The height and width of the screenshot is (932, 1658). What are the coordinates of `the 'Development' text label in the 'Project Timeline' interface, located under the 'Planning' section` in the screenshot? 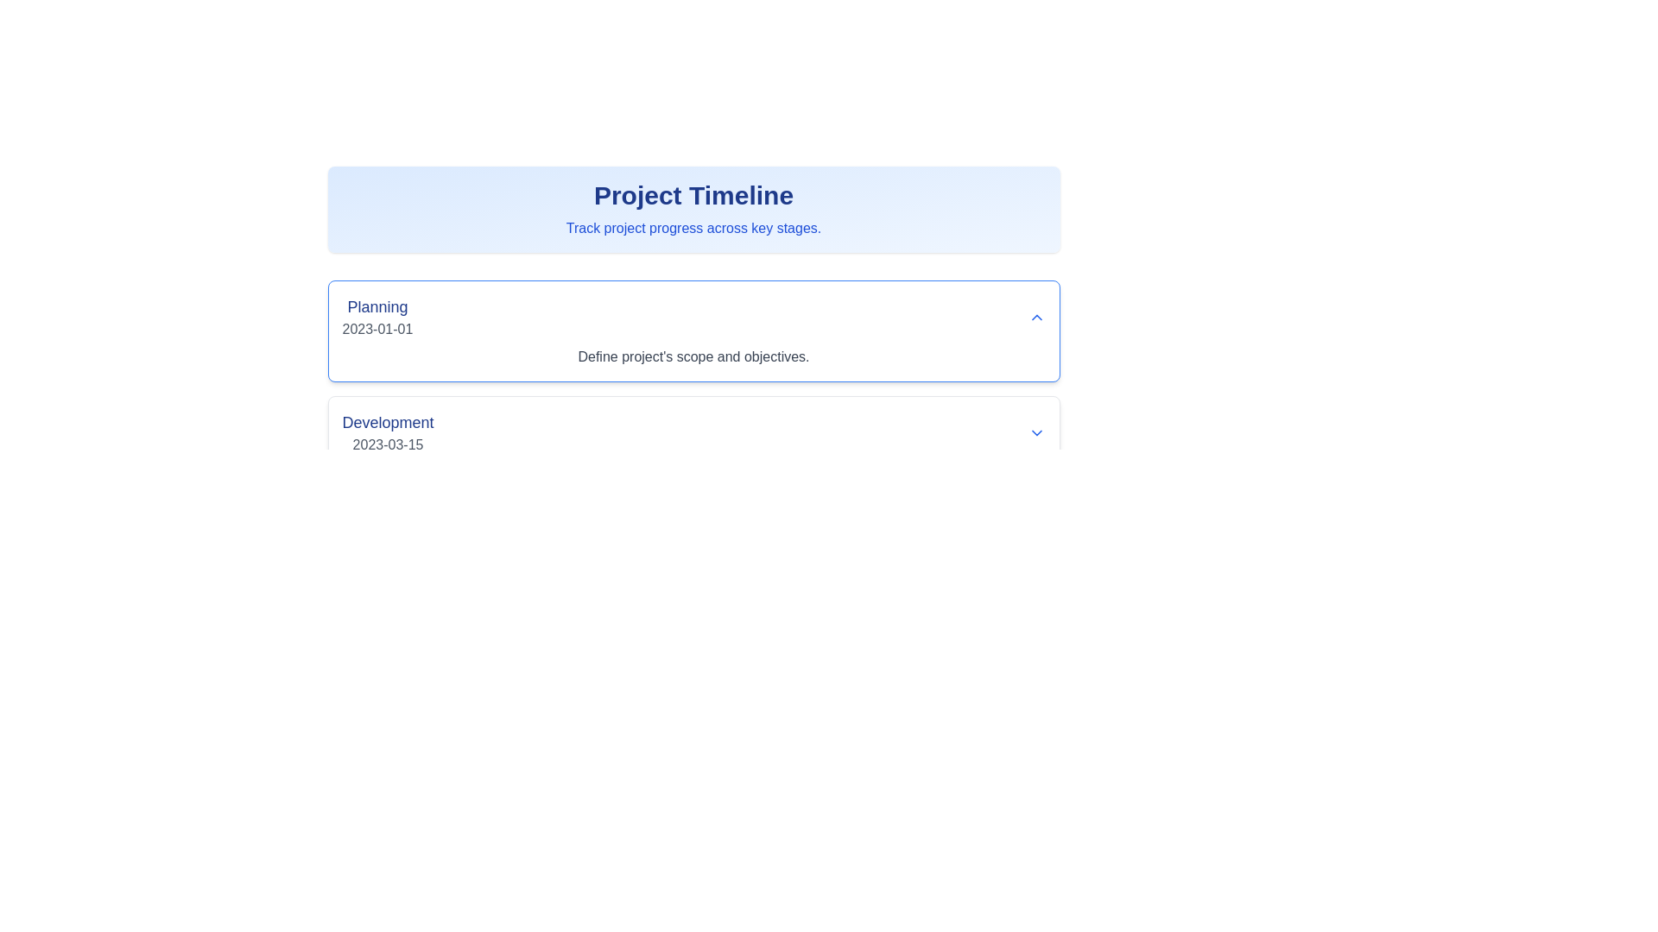 It's located at (387, 422).